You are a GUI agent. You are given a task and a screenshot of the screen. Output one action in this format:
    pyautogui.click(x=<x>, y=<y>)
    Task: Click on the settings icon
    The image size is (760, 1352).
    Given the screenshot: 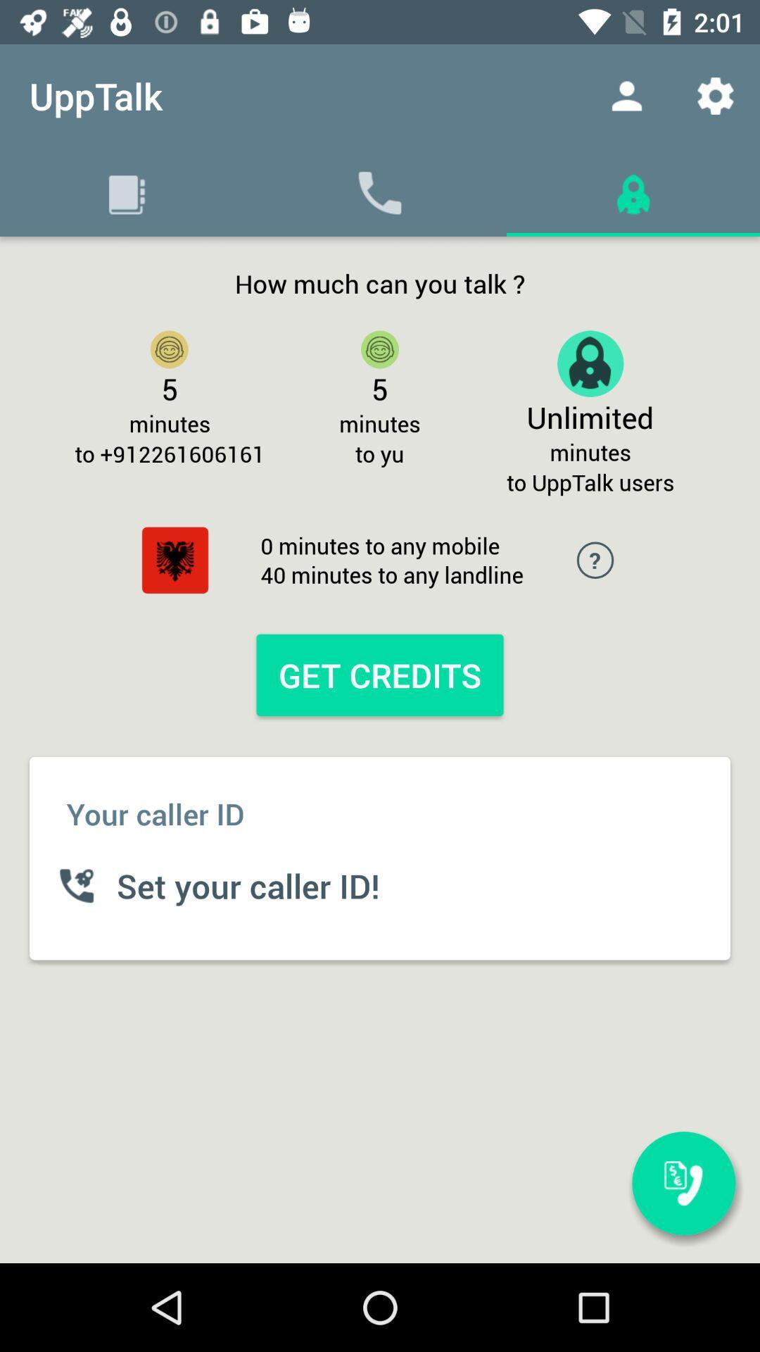 What is the action you would take?
    pyautogui.click(x=716, y=96)
    